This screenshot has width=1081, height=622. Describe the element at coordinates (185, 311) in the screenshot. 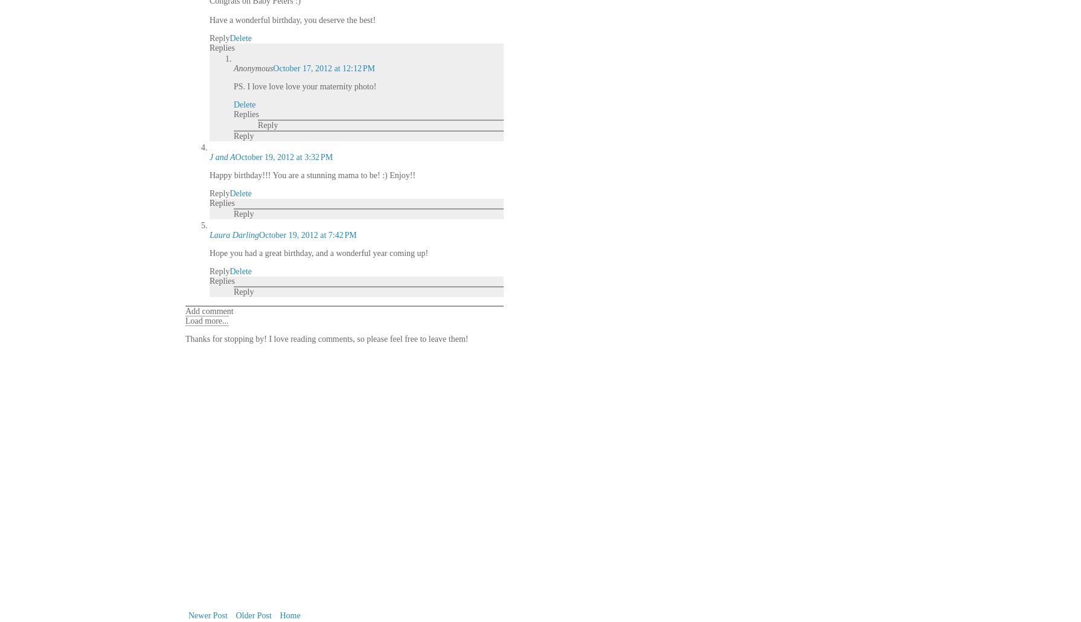

I see `'Add comment'` at that location.